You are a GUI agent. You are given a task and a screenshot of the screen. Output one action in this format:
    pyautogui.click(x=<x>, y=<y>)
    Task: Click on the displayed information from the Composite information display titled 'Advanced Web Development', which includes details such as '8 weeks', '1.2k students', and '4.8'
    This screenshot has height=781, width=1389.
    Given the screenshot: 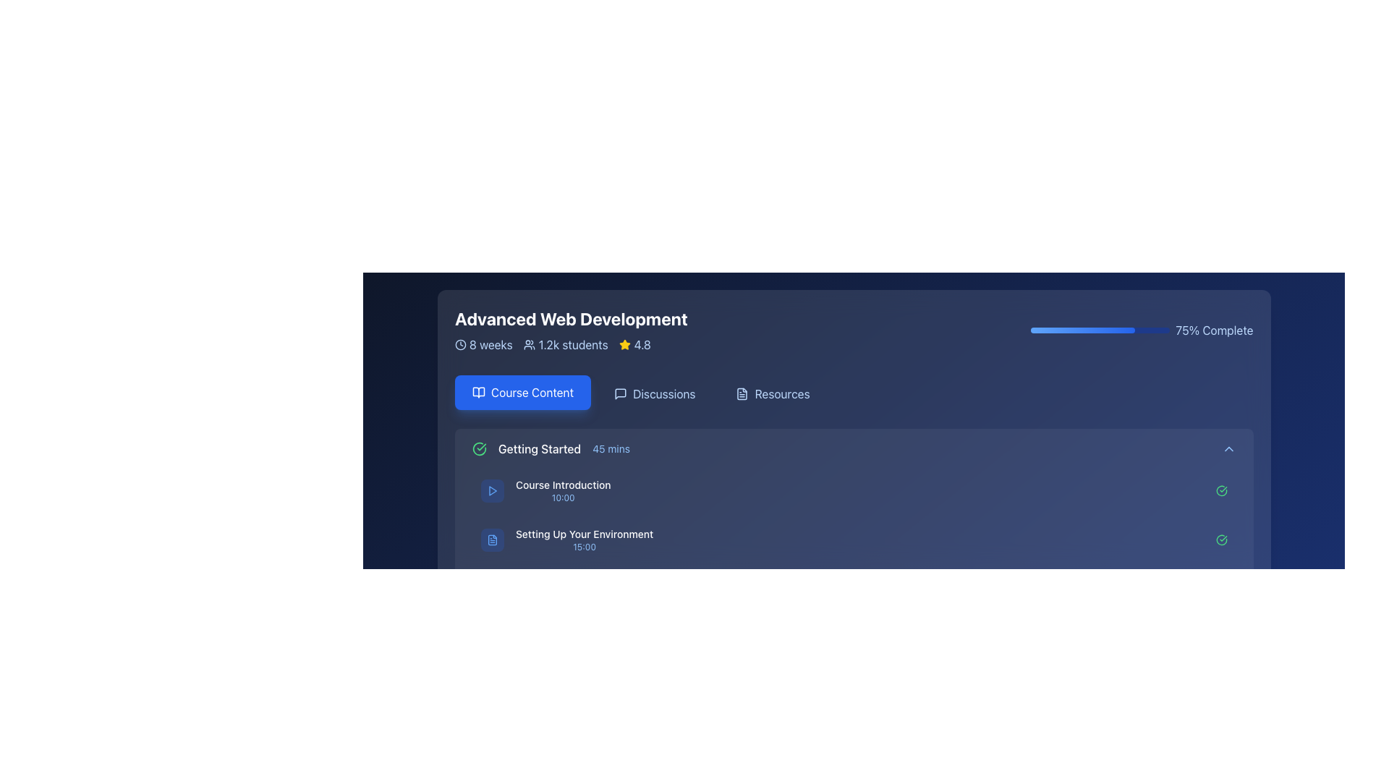 What is the action you would take?
    pyautogui.click(x=570, y=330)
    